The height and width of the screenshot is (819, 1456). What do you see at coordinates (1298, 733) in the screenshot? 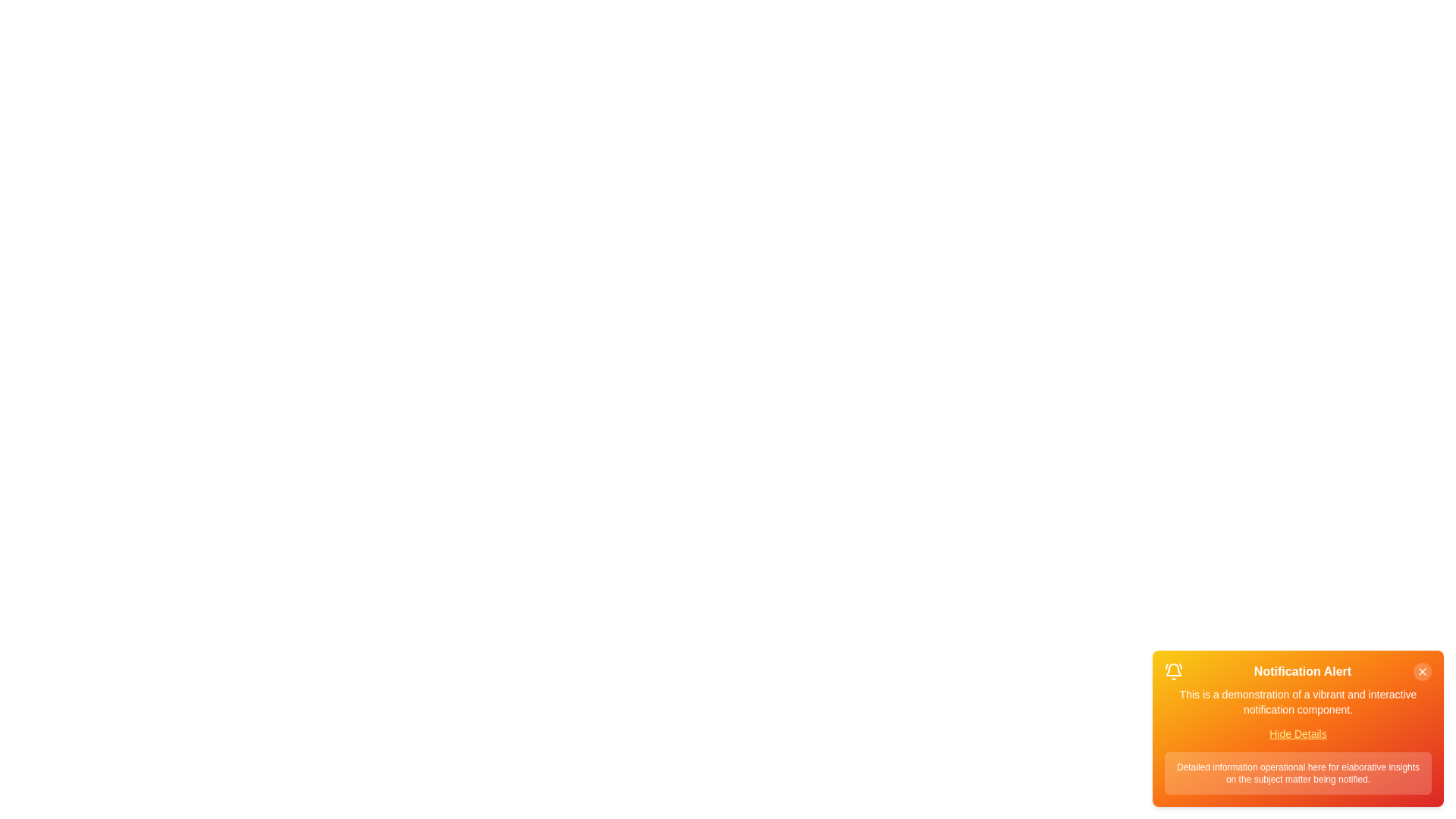
I see `'Hide Details' button to toggle the visibility of additional details` at bounding box center [1298, 733].